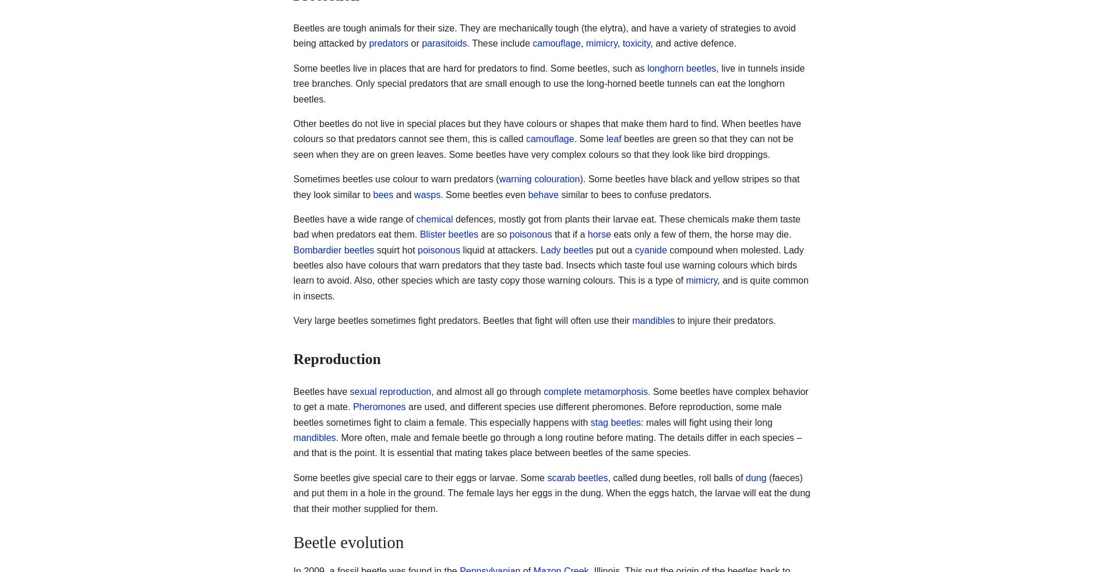  Describe the element at coordinates (548, 264) in the screenshot. I see `'compound when molested. Lady beetles also have colours that warn predators that they taste bad. Insects which taste foul use warning colours which birds learn to avoid. Also, other species which are tasty copy those warning colours. This is a type of'` at that location.